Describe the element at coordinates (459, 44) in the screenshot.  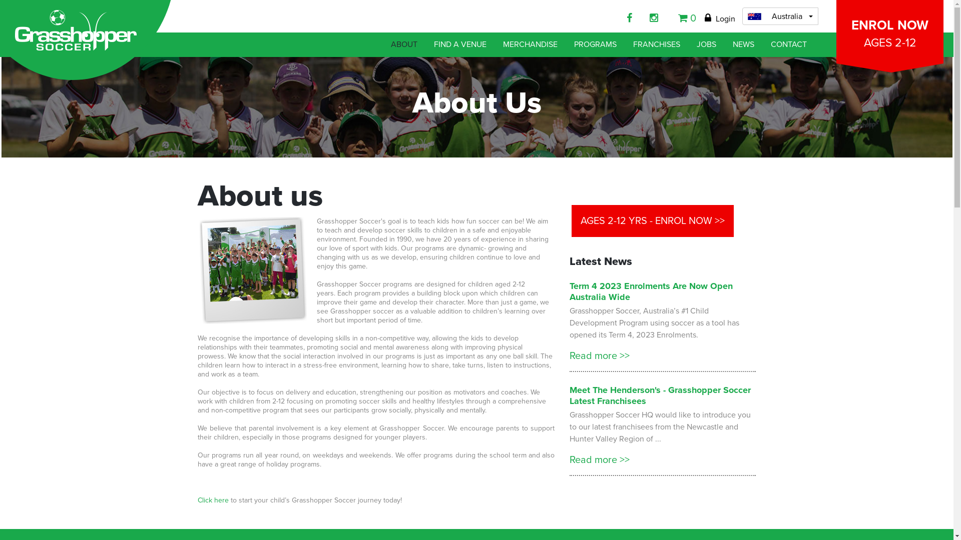
I see `'FIND A VENUE'` at that location.